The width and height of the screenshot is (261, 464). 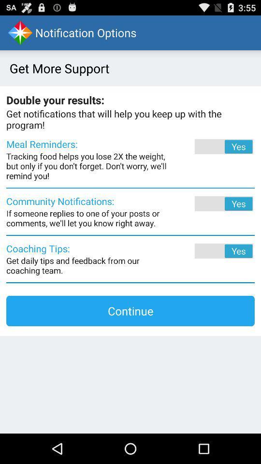 What do you see at coordinates (210, 146) in the screenshot?
I see `switch for meal reminders` at bounding box center [210, 146].